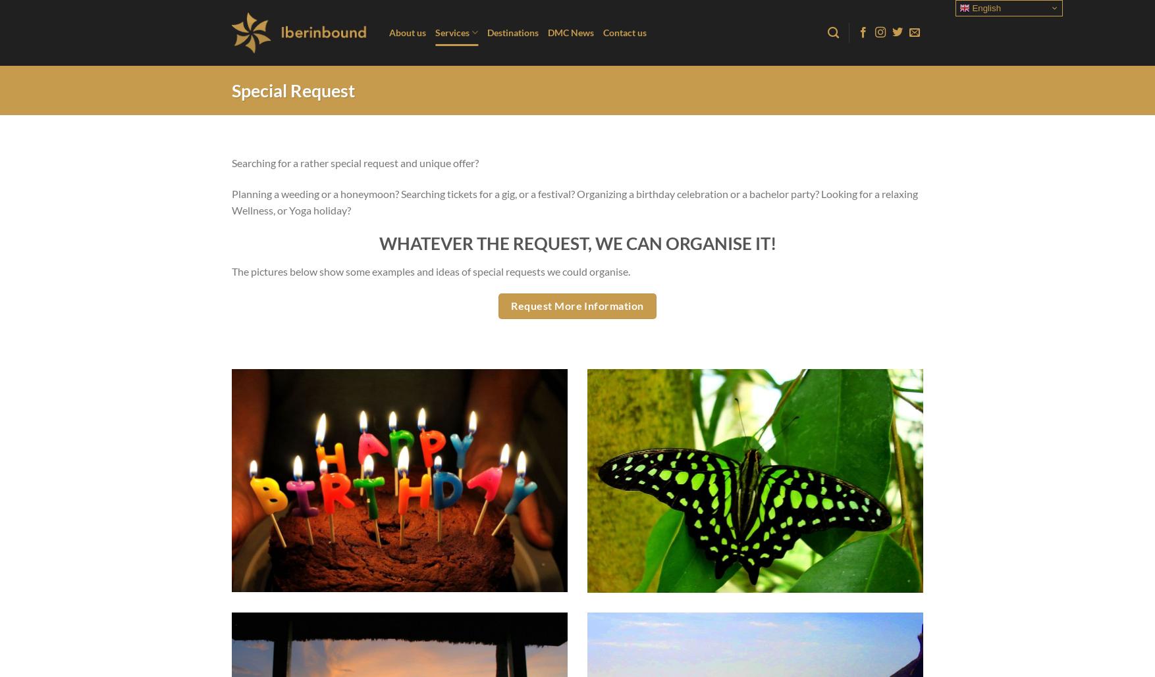  What do you see at coordinates (576, 242) in the screenshot?
I see `'WHATEVER THE REQUEST, WE CAN ORGANISE IT!'` at bounding box center [576, 242].